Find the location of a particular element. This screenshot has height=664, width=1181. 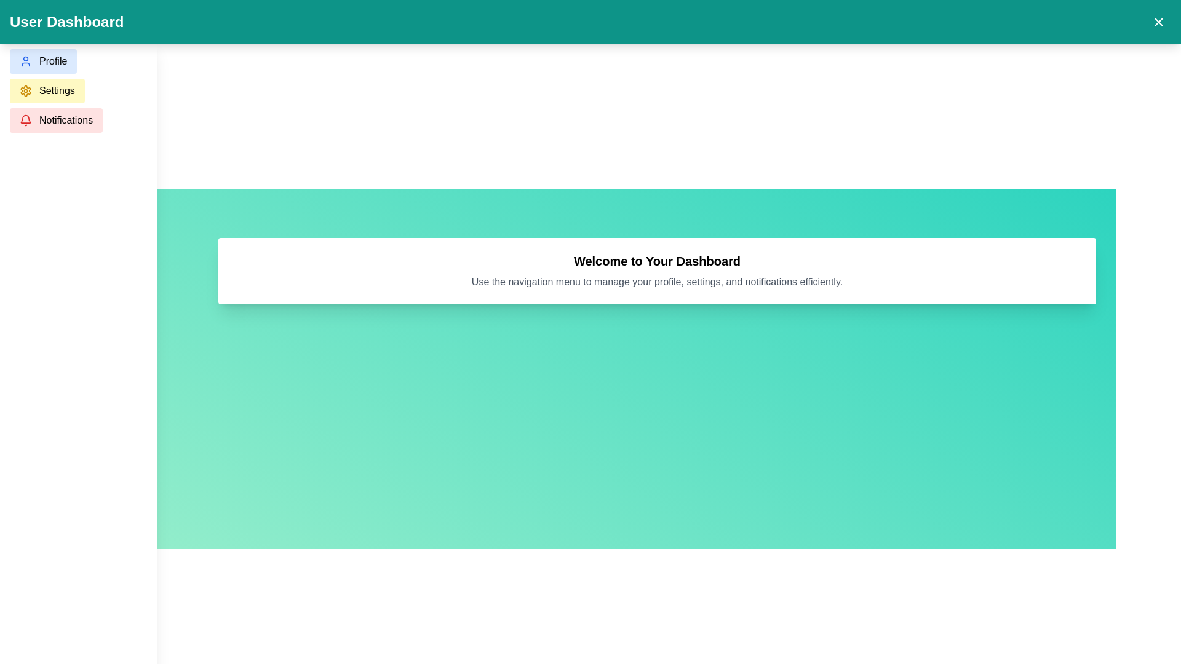

the cogwheel-shaped icon in yellow, which is placed inside the yellow 'Settings' button on the left navigation panel is located at coordinates (26, 90).